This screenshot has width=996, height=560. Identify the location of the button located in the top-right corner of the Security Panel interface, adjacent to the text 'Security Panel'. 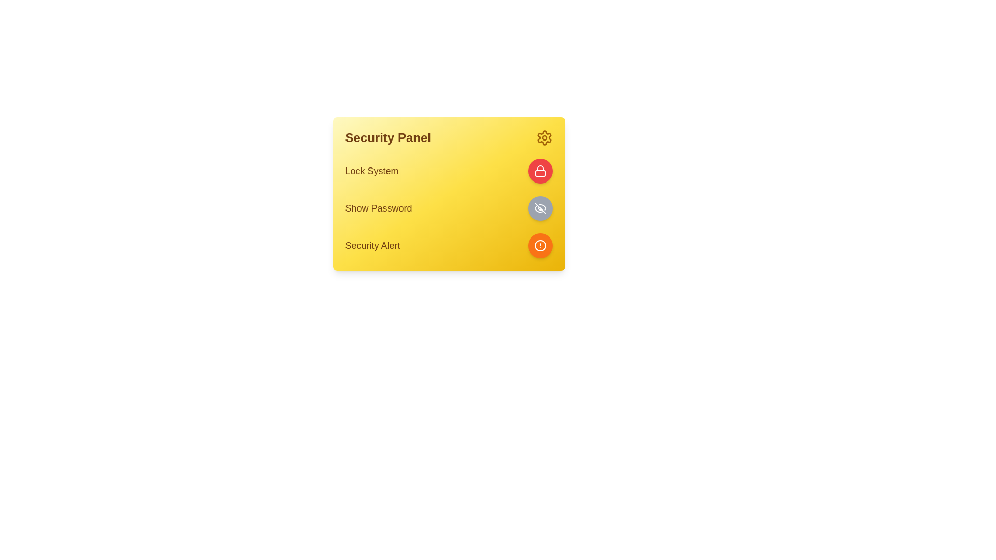
(544, 137).